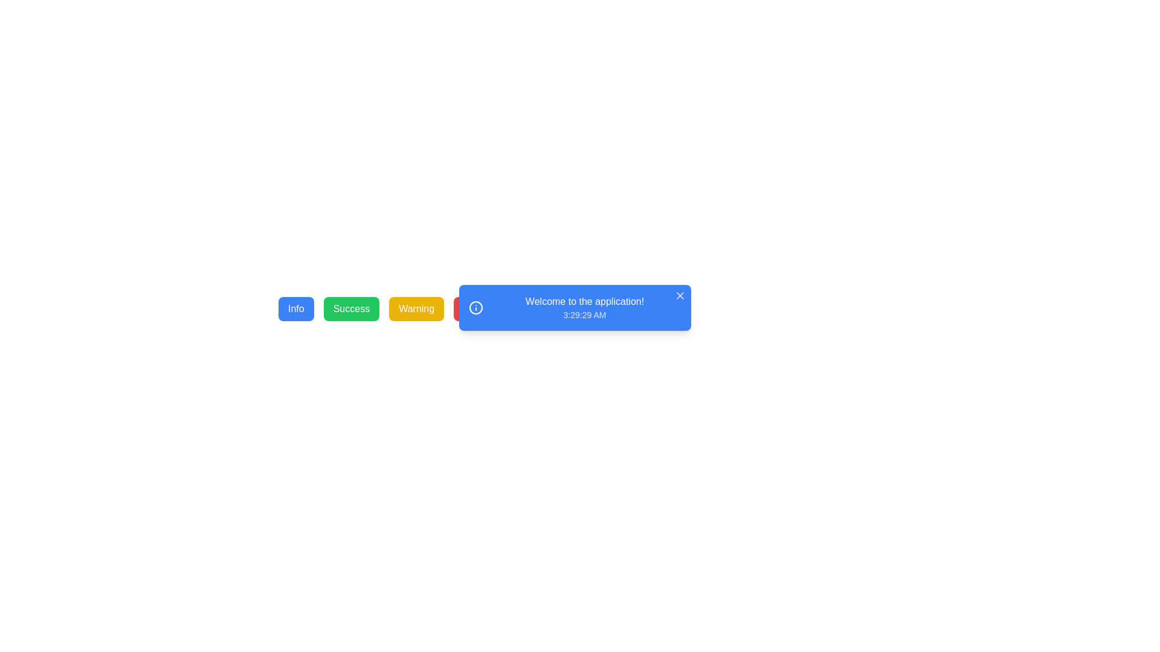  Describe the element at coordinates (350, 308) in the screenshot. I see `the rounded rectangular button with a green background labeled 'Success' to change its appearance, located between the 'Info' button and the 'Warning' button` at that location.